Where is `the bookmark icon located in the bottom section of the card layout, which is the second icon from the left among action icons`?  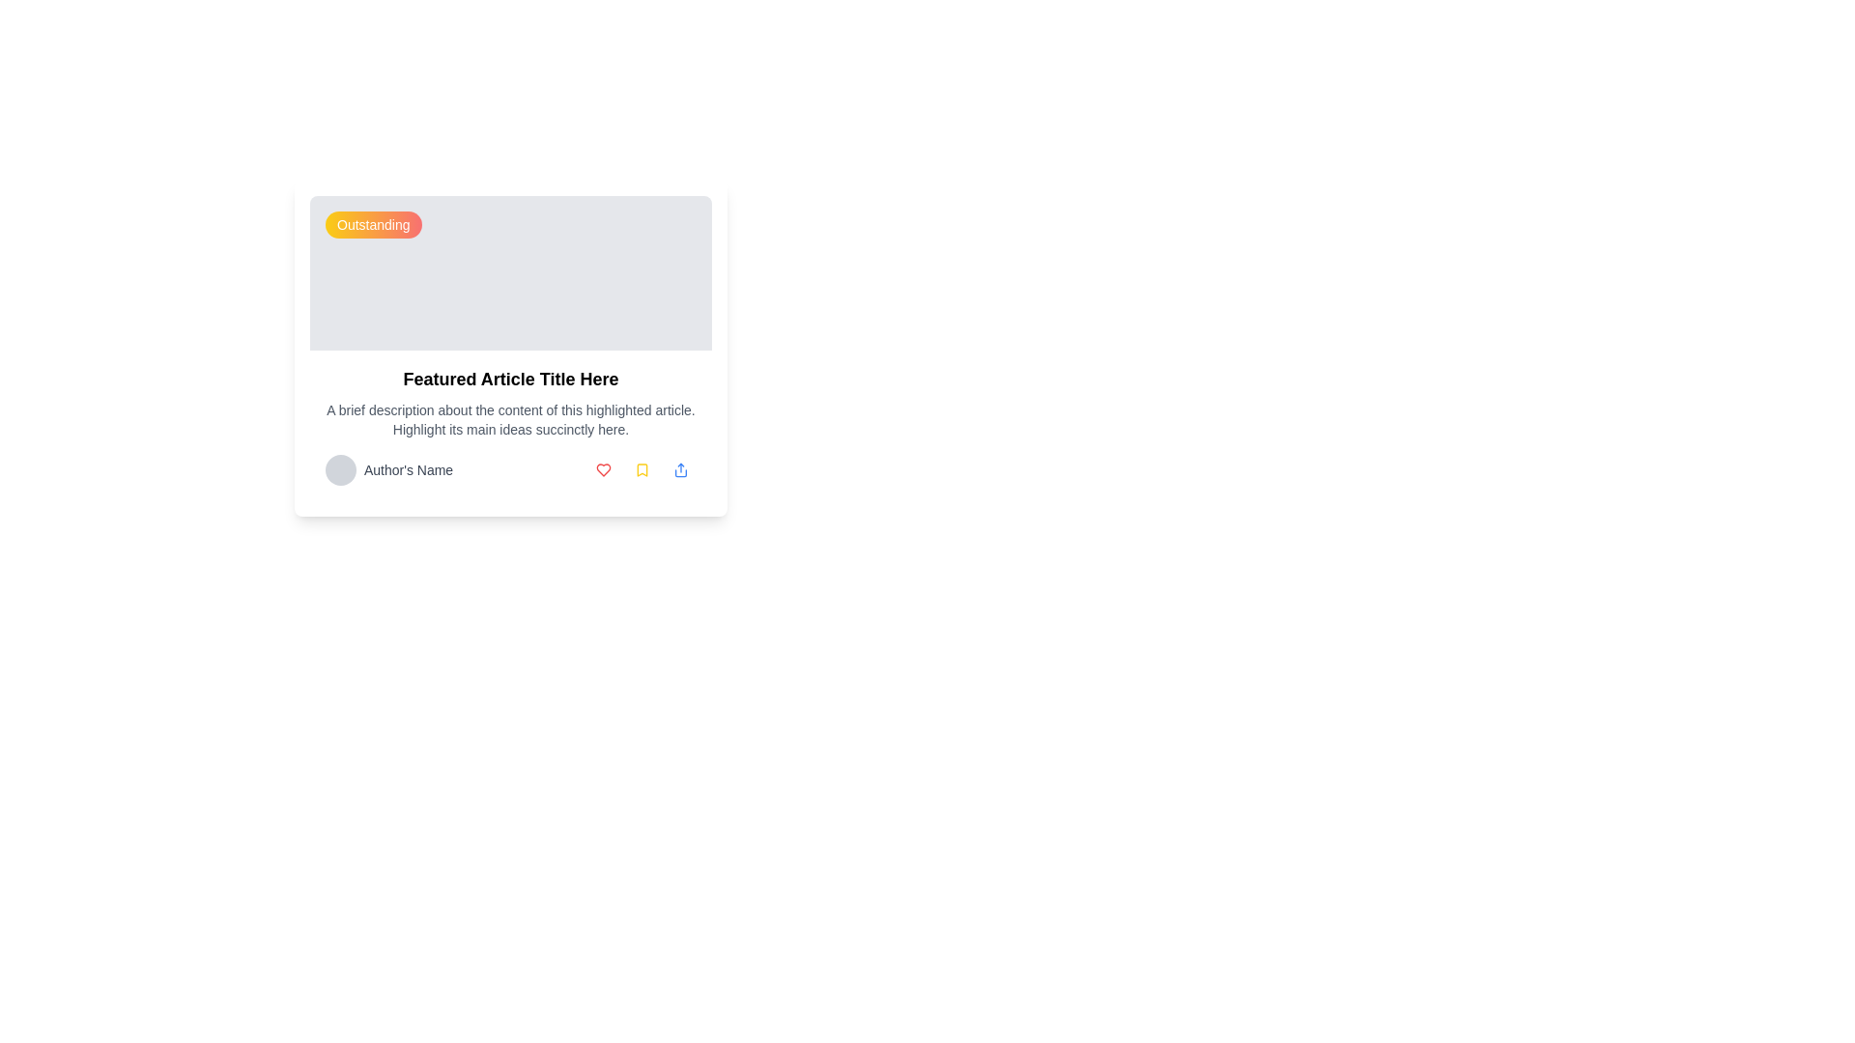
the bookmark icon located in the bottom section of the card layout, which is the second icon from the left among action icons is located at coordinates (642, 469).